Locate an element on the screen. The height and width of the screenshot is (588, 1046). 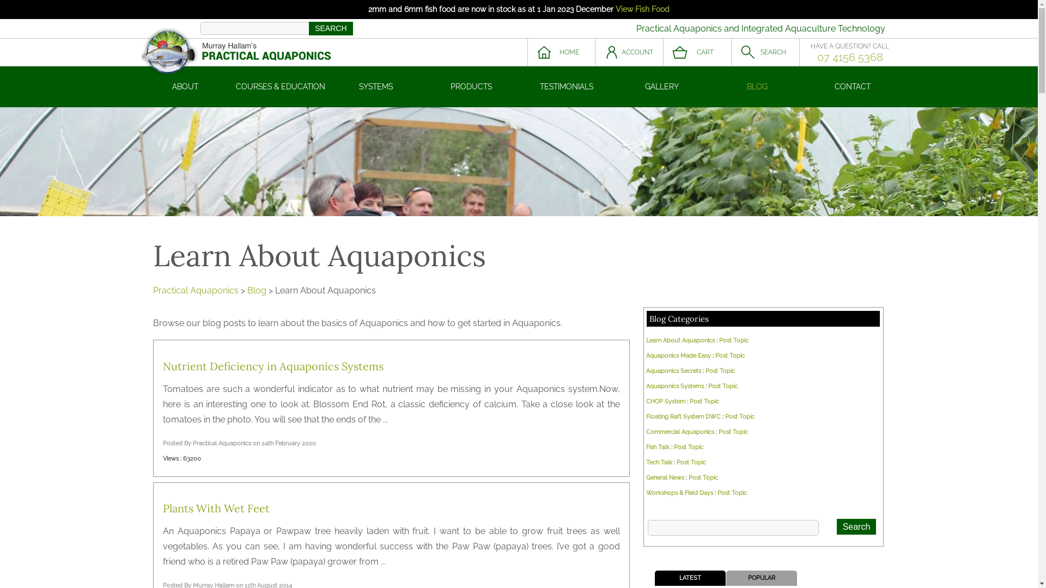
'CONTACT' is located at coordinates (852, 86).